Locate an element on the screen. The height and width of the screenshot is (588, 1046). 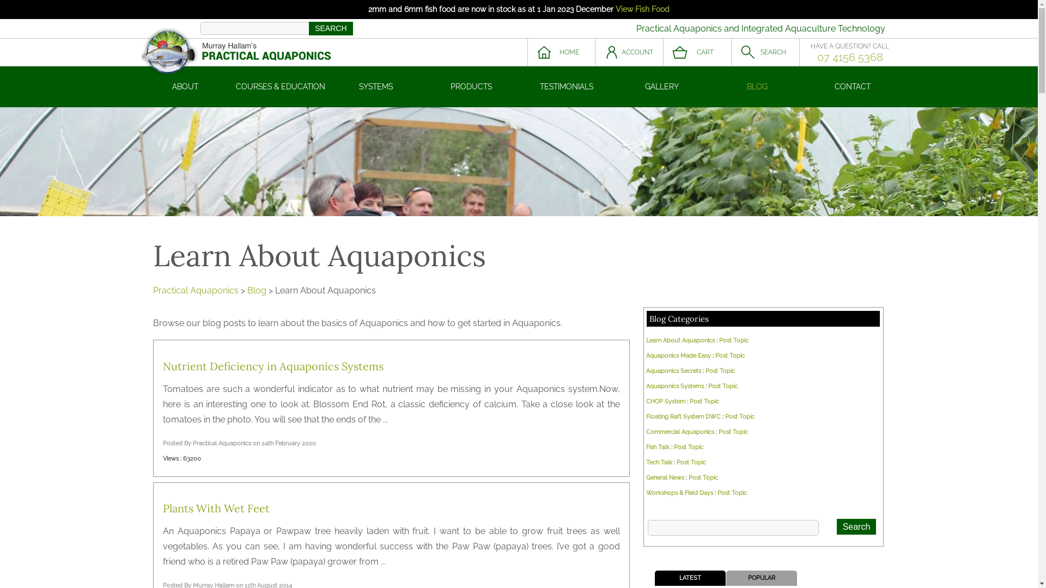
'CONTACT' is located at coordinates (852, 86).